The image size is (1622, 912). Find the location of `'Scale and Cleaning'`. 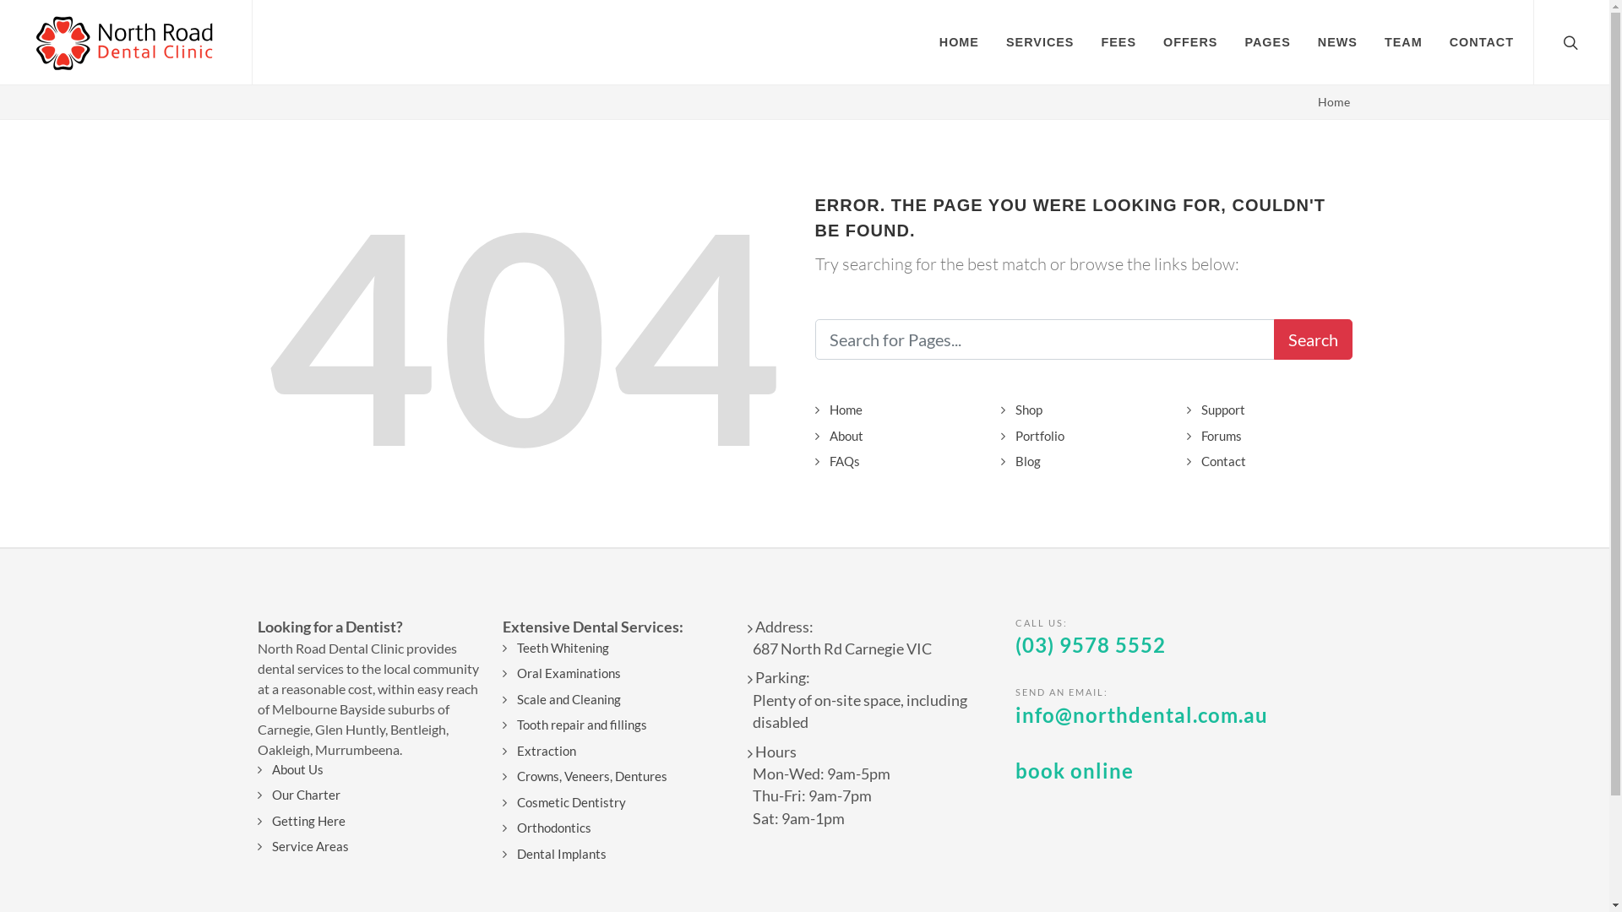

'Scale and Cleaning' is located at coordinates (506, 699).